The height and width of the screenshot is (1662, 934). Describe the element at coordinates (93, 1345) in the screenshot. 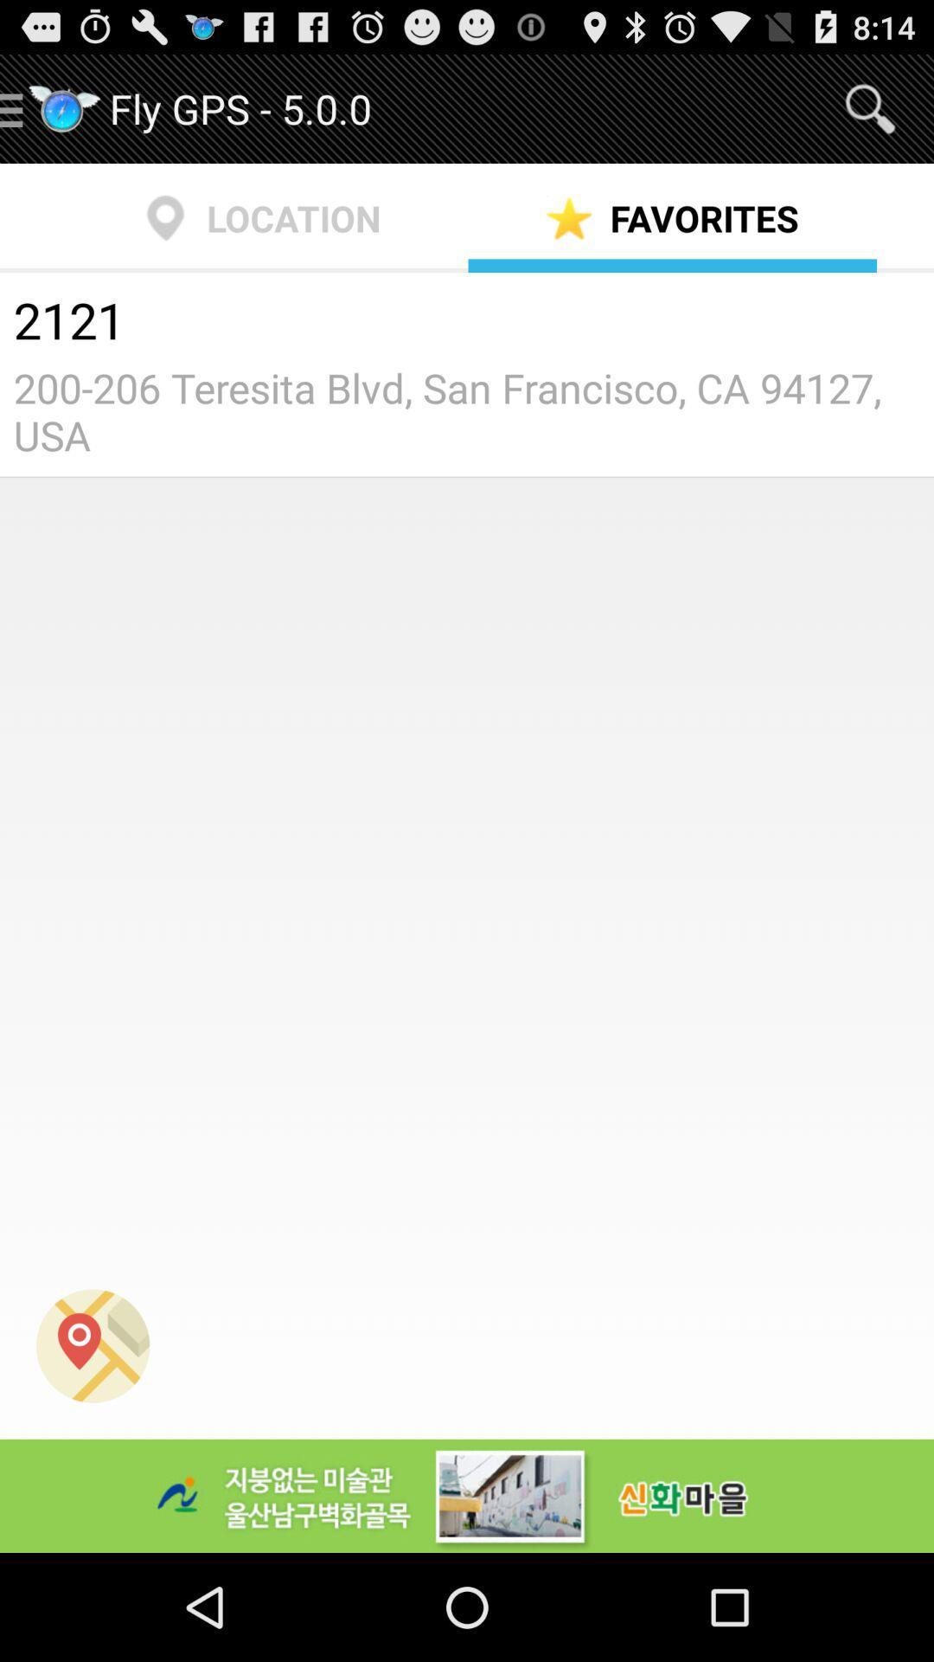

I see `the icon at the bottom left corner` at that location.